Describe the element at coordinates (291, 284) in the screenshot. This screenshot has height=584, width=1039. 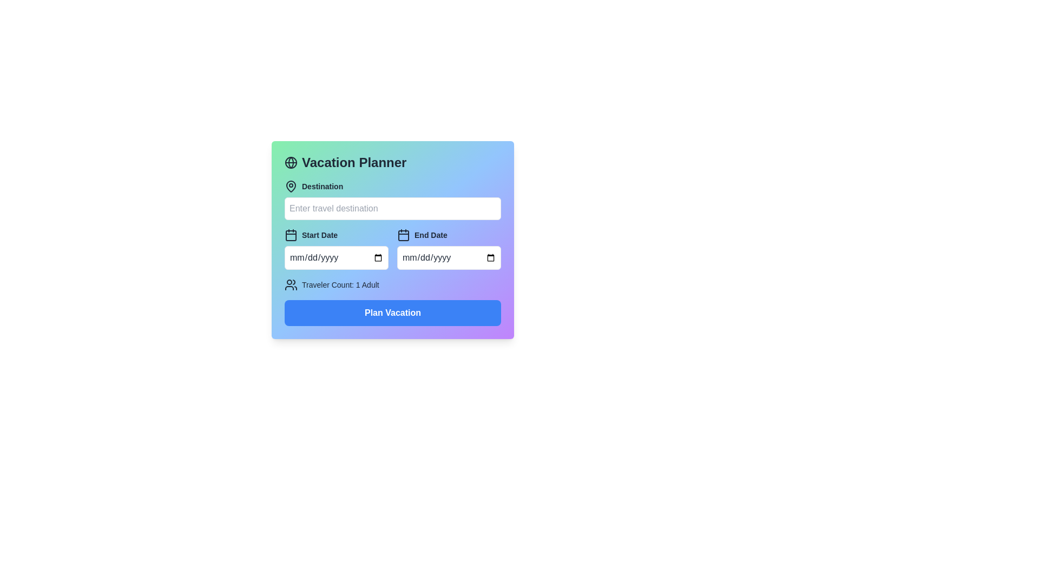
I see `the icon that represents the 'Traveler Count' section, which is located to the left of the text 'Traveler Count: 1 Adult' in the UI card` at that location.